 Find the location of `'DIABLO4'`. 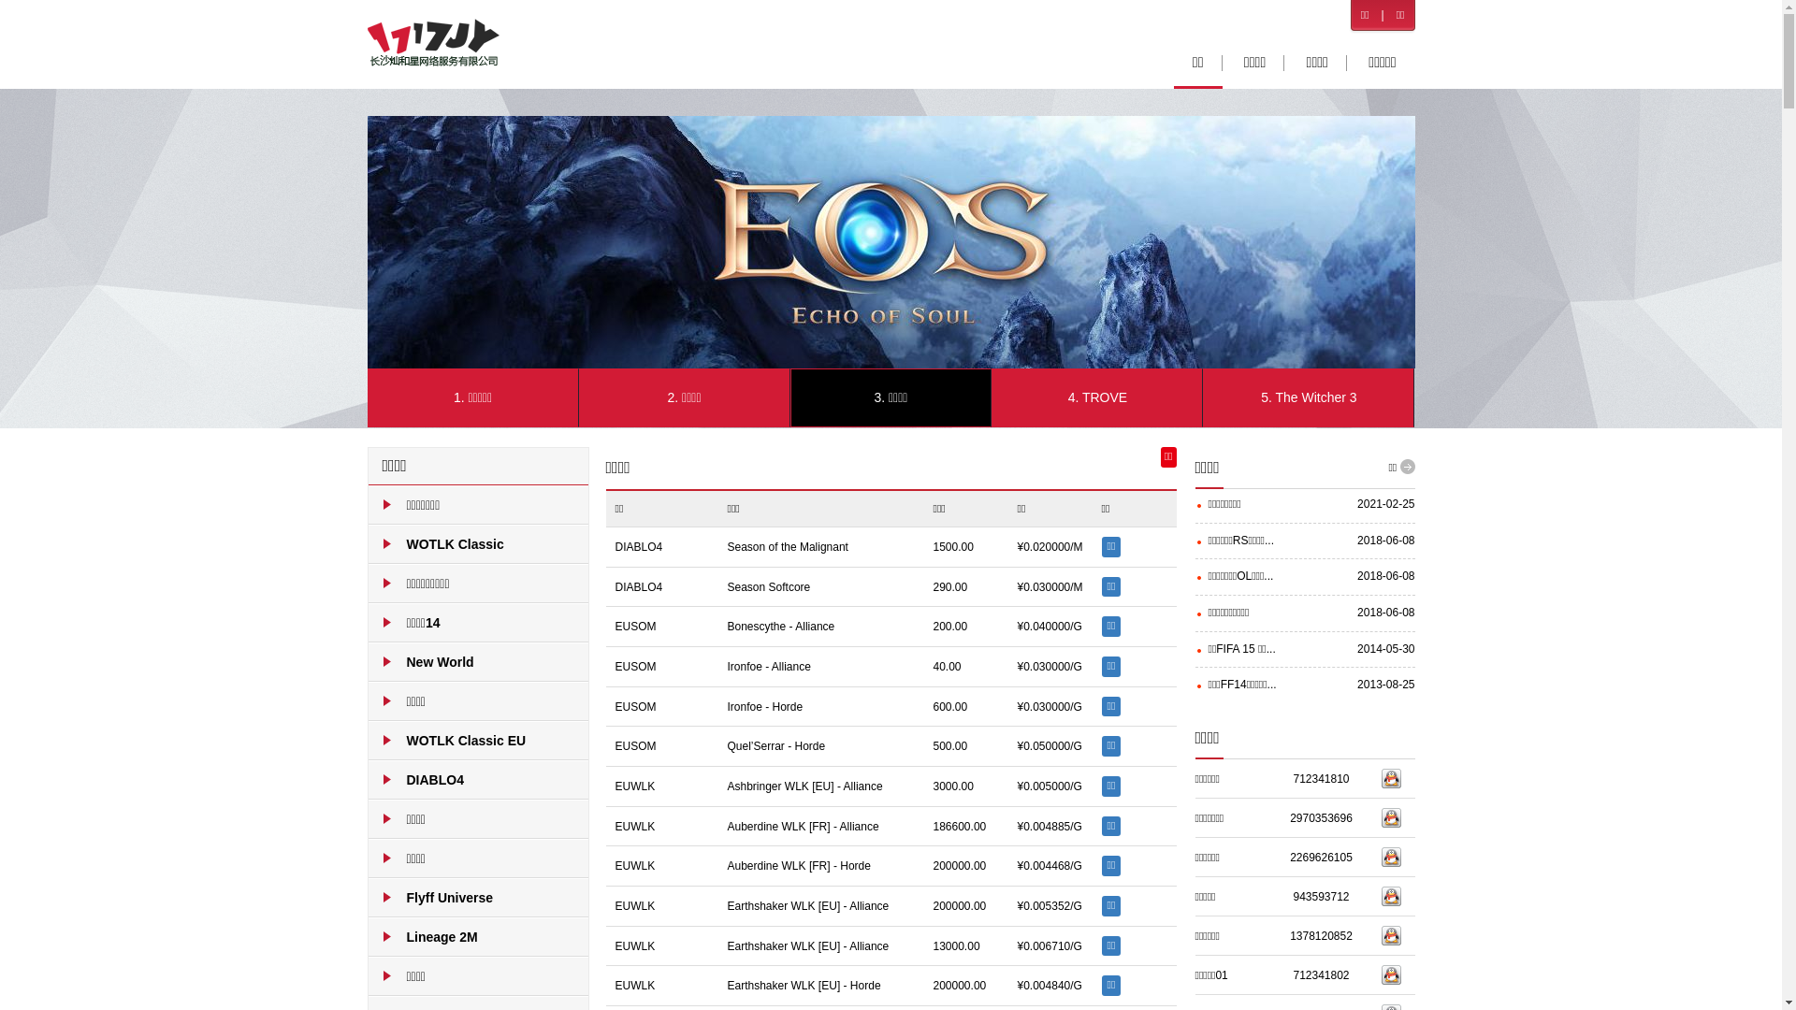

'DIABLO4' is located at coordinates (478, 779).